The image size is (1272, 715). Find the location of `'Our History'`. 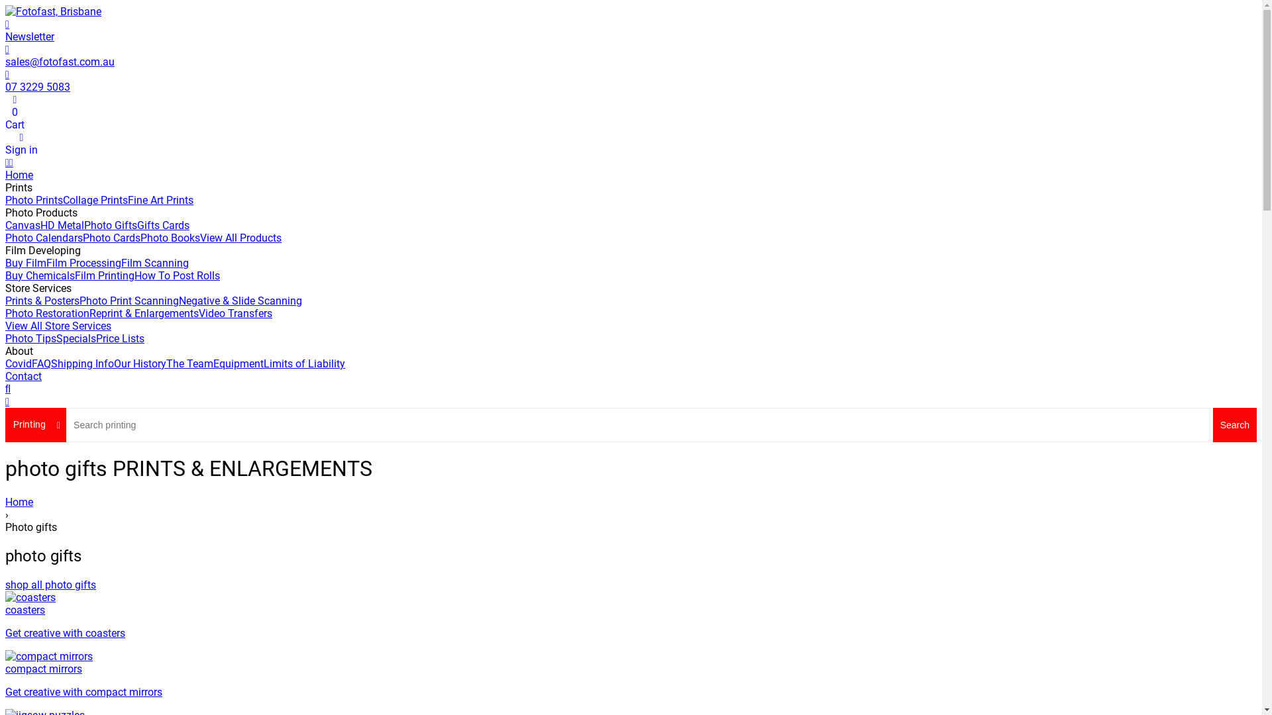

'Our History' is located at coordinates (140, 363).